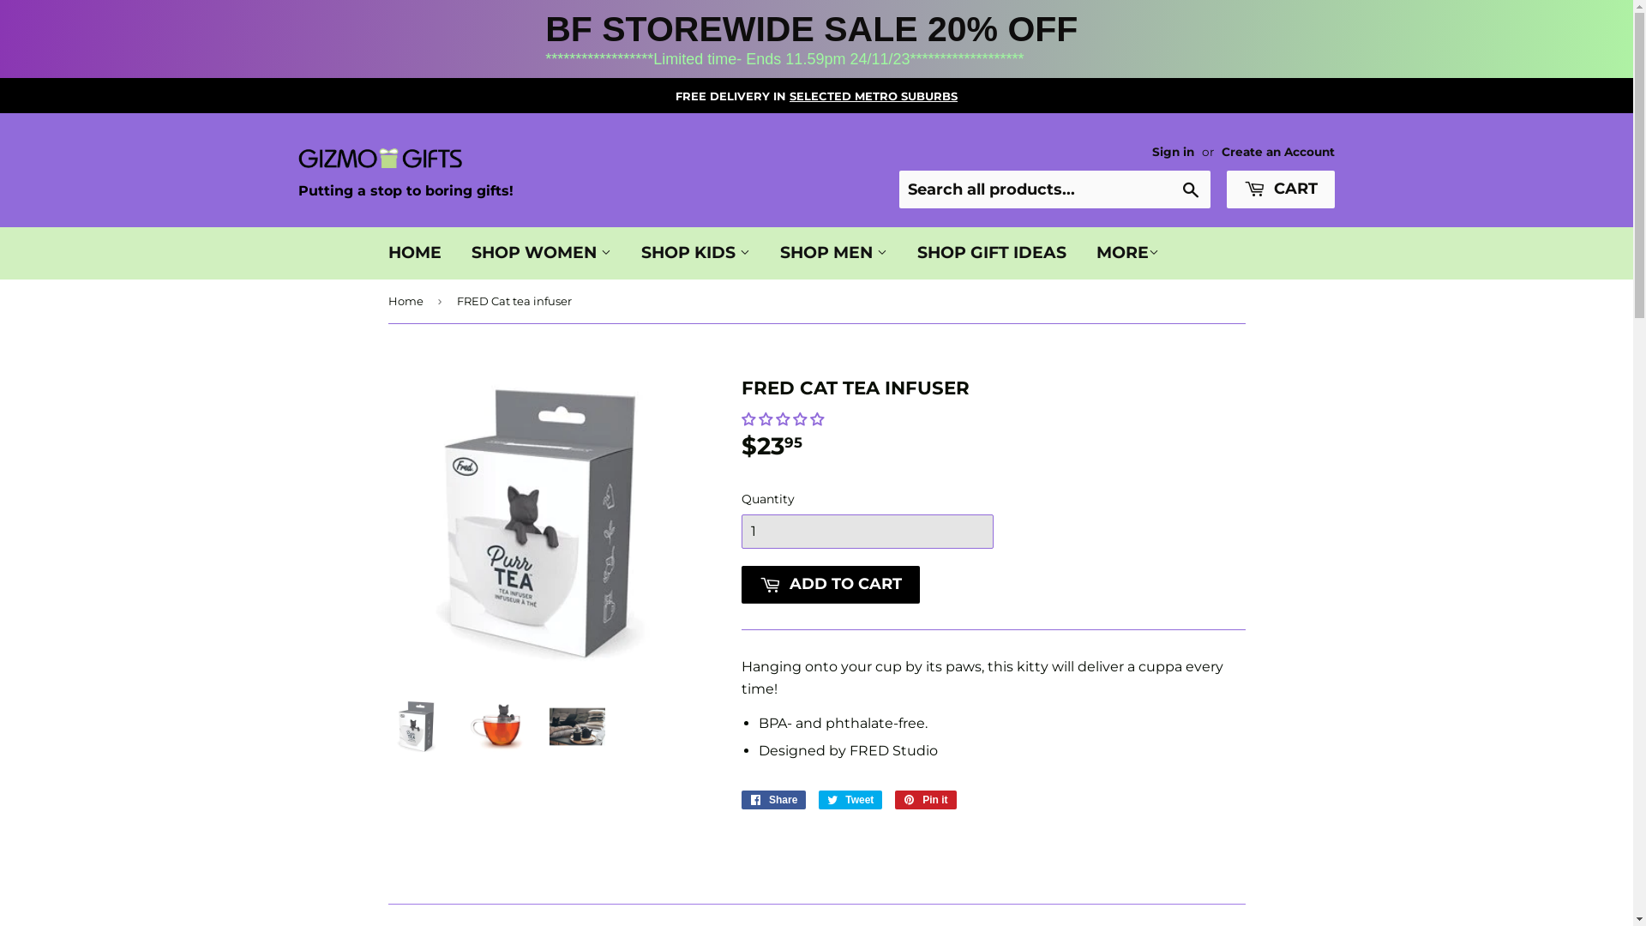  Describe the element at coordinates (815, 95) in the screenshot. I see `'FREE DELIVERY IN SELECTED METRO SUBURBS'` at that location.